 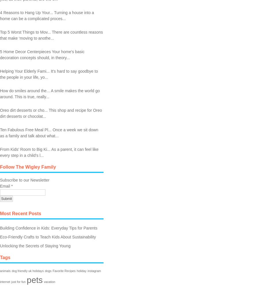 What do you see at coordinates (25, 129) in the screenshot?
I see `'Ten Fabulous Free Meal Pl...'` at bounding box center [25, 129].